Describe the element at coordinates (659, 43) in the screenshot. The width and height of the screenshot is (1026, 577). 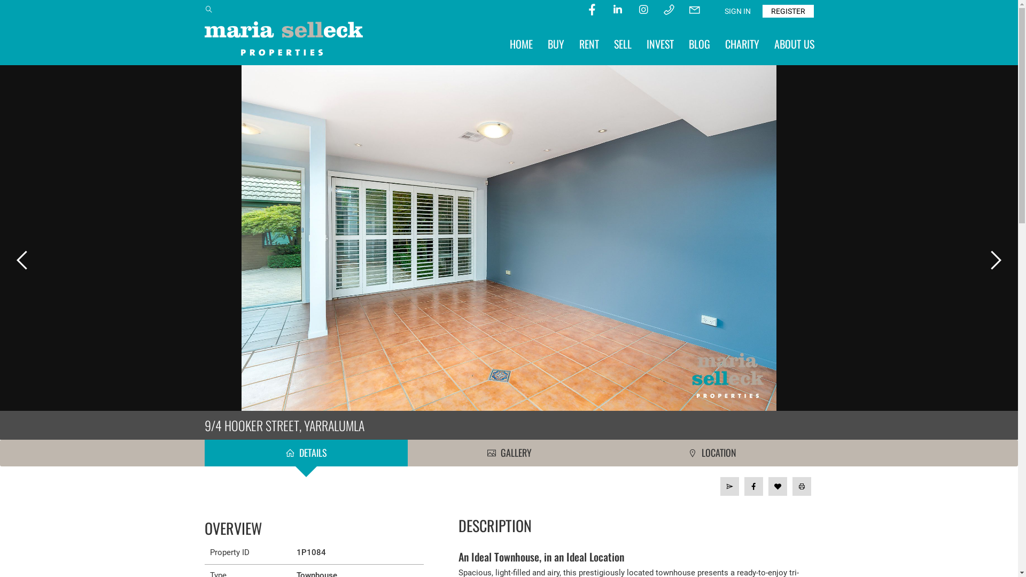
I see `'INVEST'` at that location.